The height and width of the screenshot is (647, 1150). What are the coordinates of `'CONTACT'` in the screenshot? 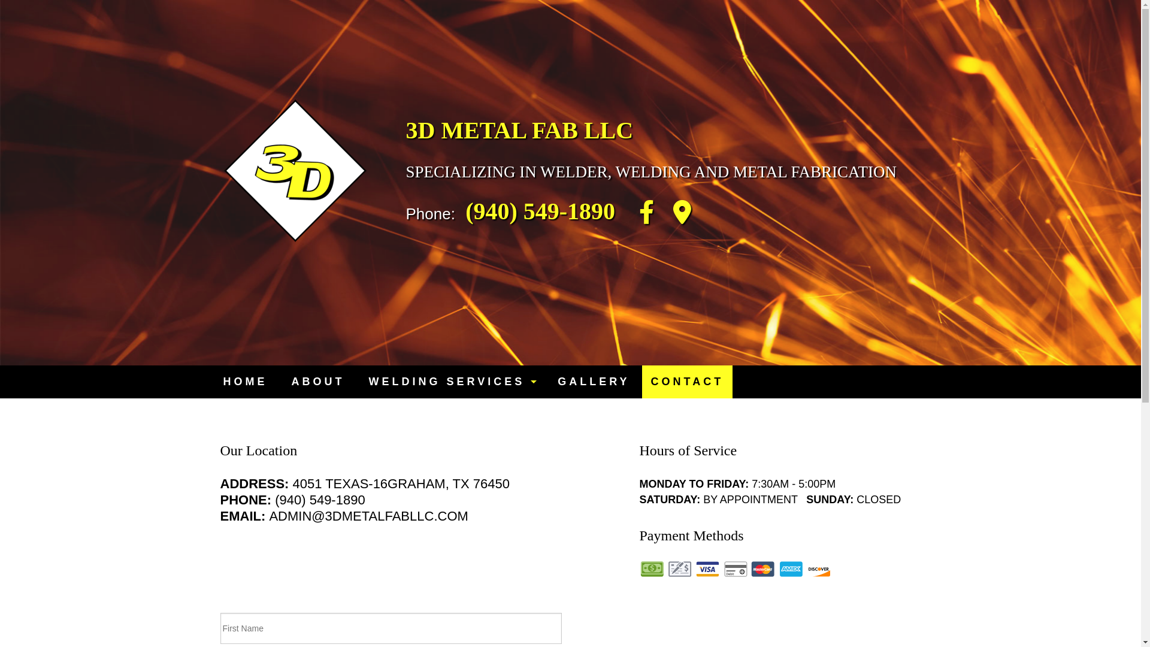 It's located at (687, 382).